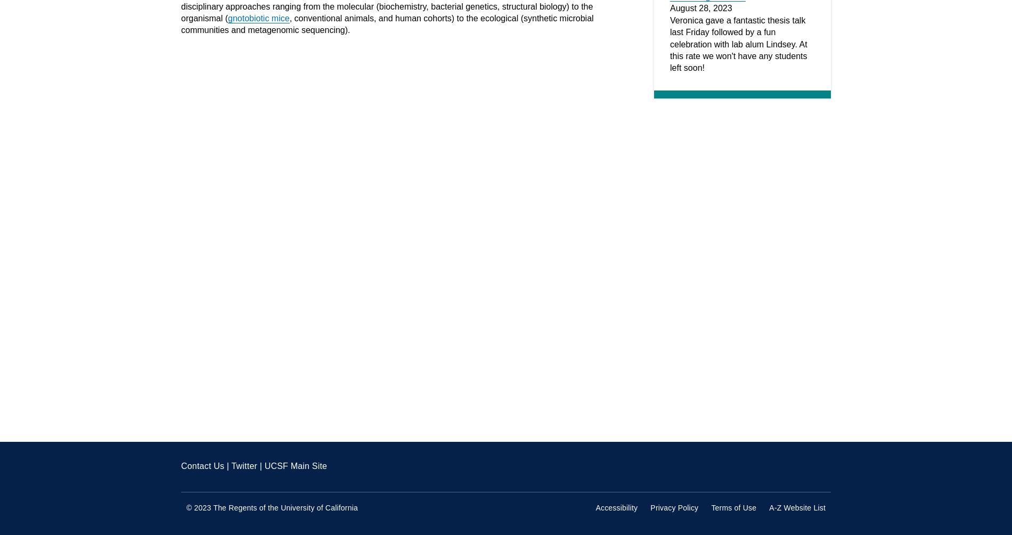  What do you see at coordinates (386, 24) in the screenshot?
I see `', conventional animals, and human cohorts) to the ecological (synthetic microbial communities and metagenomic sequencing).'` at bounding box center [386, 24].